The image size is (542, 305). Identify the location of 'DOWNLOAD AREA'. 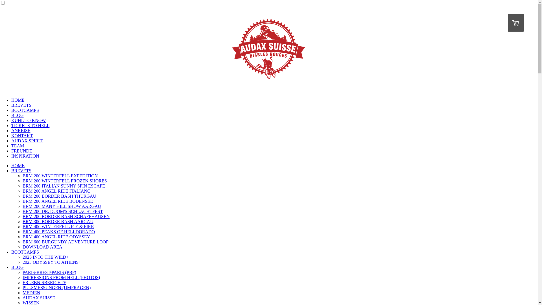
(42, 247).